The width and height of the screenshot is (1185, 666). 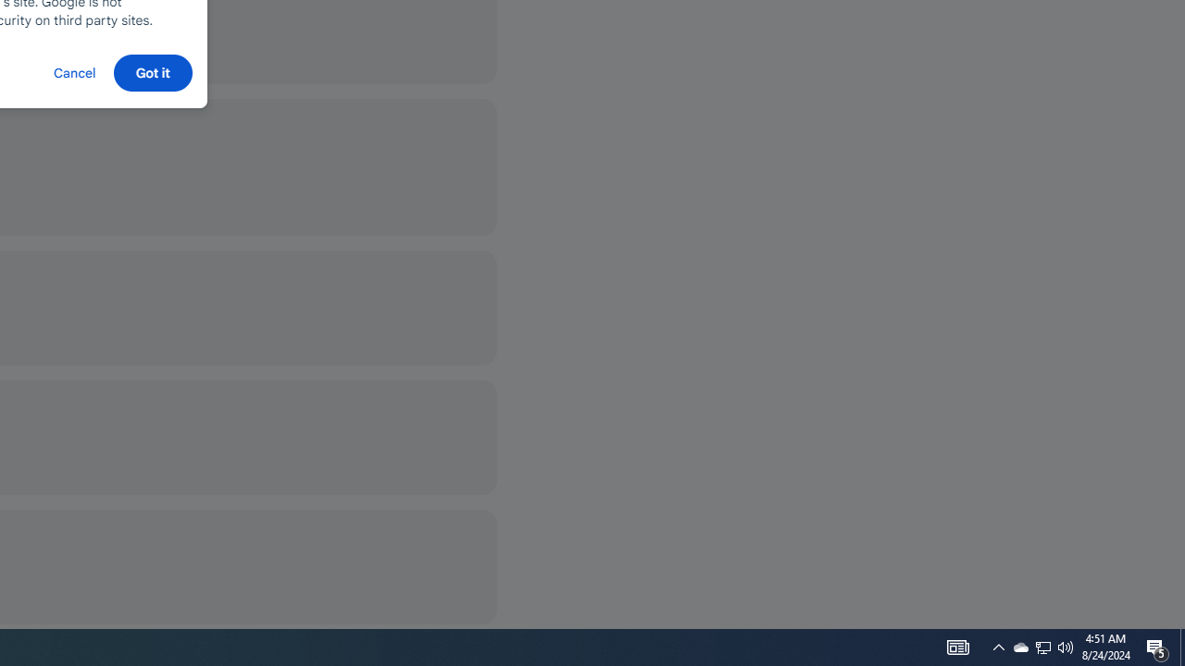 What do you see at coordinates (153, 71) in the screenshot?
I see `'Got it'` at bounding box center [153, 71].